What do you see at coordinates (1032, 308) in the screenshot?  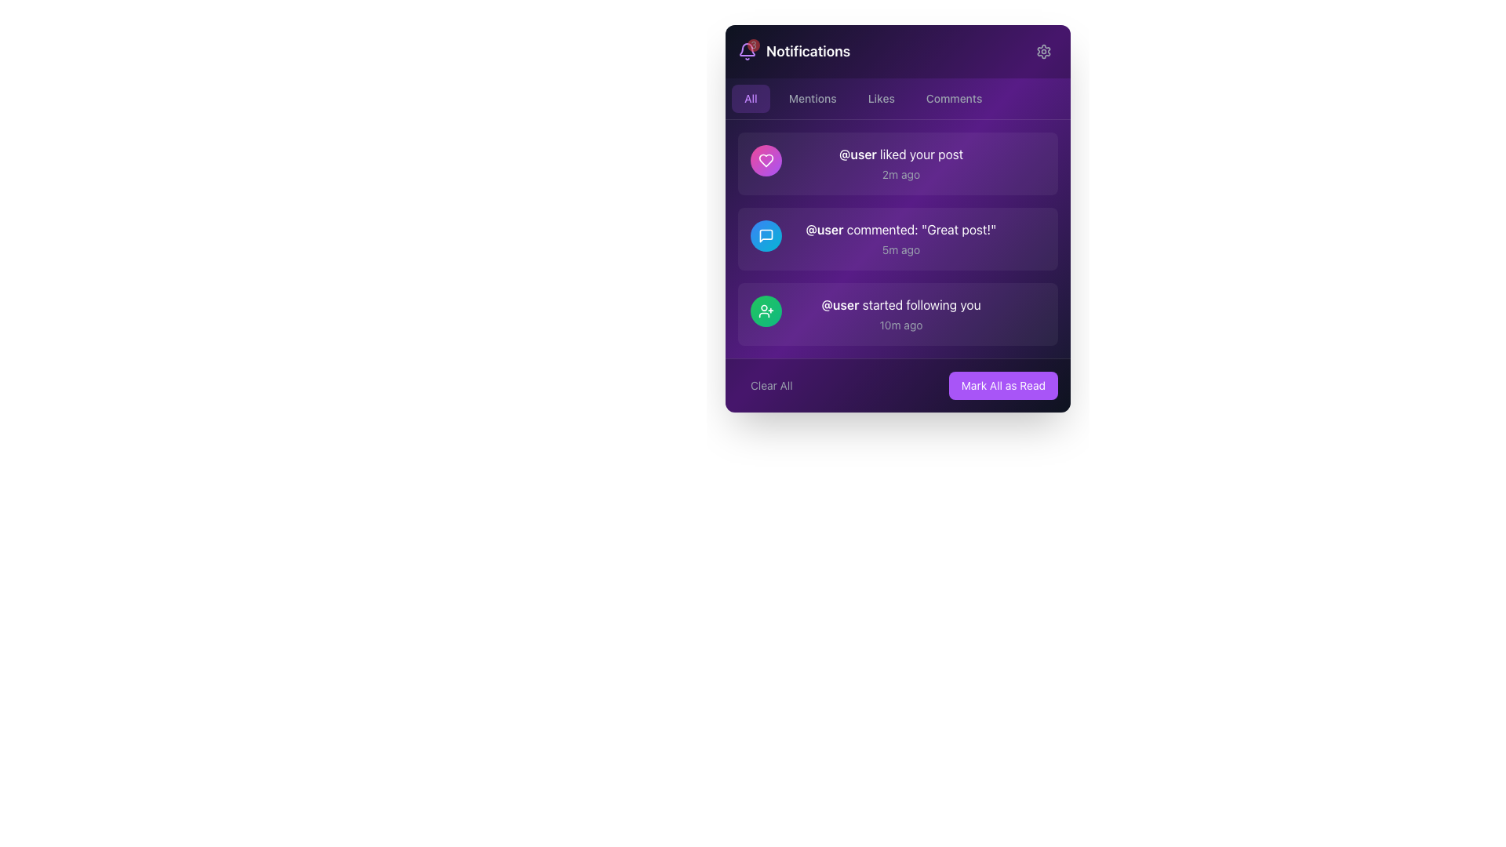 I see `the dismiss button located at the top-right corner of the last notification item` at bounding box center [1032, 308].